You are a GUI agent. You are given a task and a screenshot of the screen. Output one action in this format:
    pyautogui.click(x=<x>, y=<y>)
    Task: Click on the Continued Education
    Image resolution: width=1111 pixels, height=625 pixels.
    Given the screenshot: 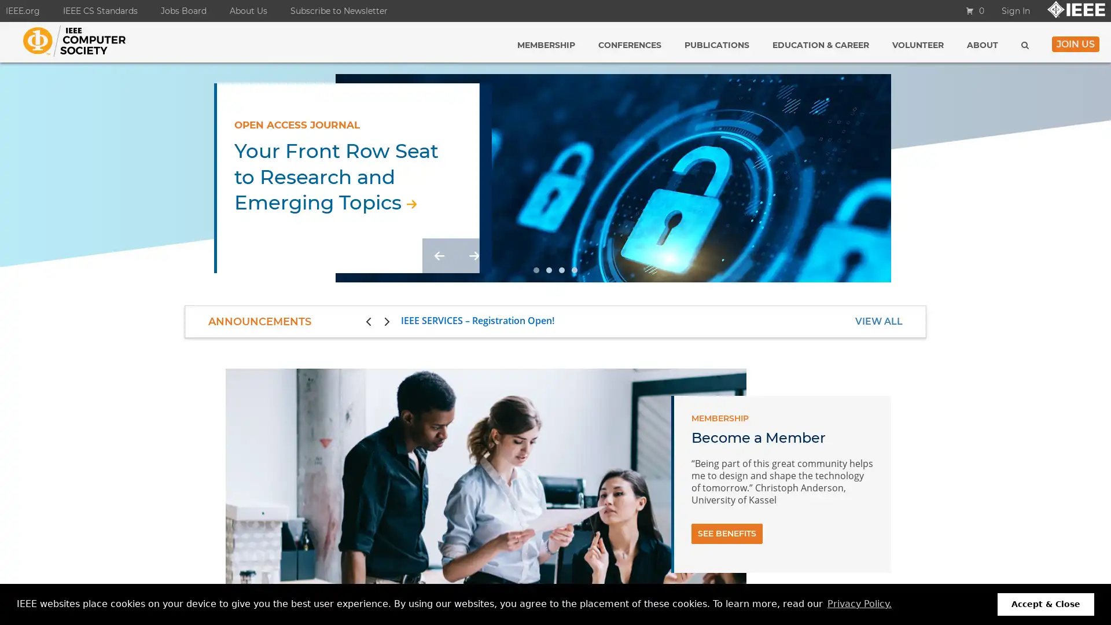 What is the action you would take?
    pyautogui.click(x=549, y=270)
    